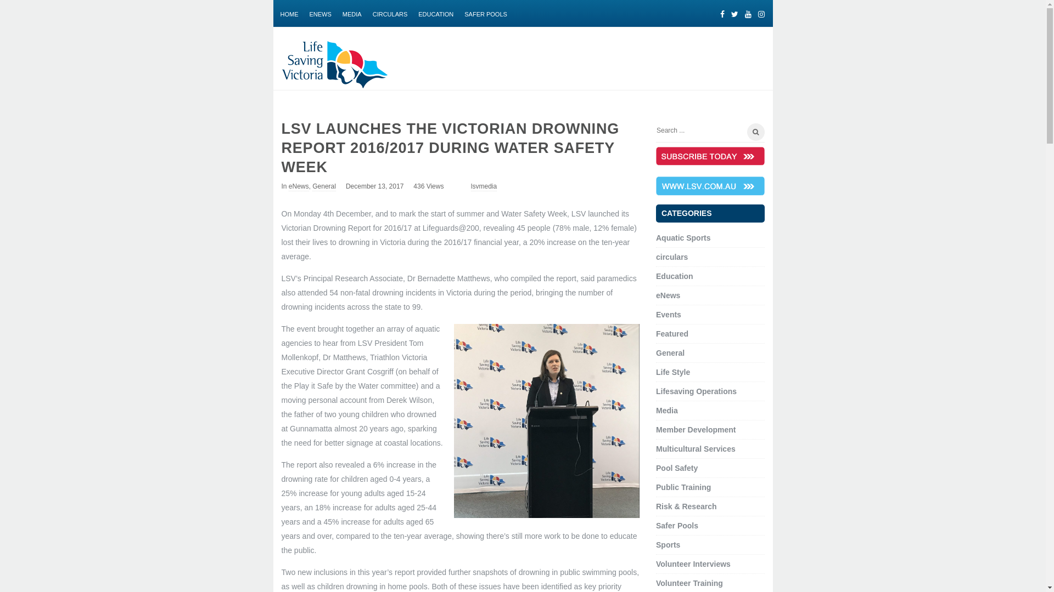  What do you see at coordinates (656, 132) in the screenshot?
I see `'Search for:'` at bounding box center [656, 132].